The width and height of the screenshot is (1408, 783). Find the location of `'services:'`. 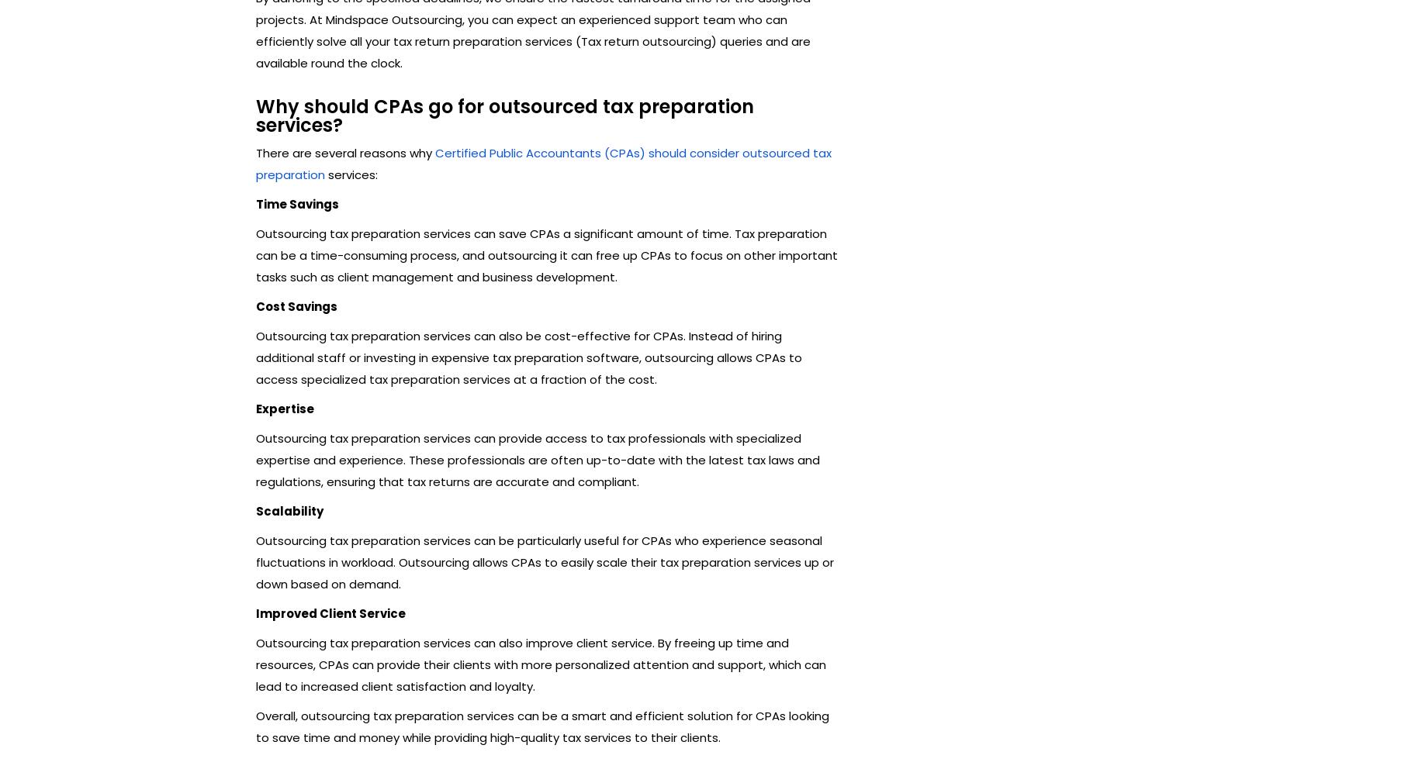

'services:' is located at coordinates (351, 173).